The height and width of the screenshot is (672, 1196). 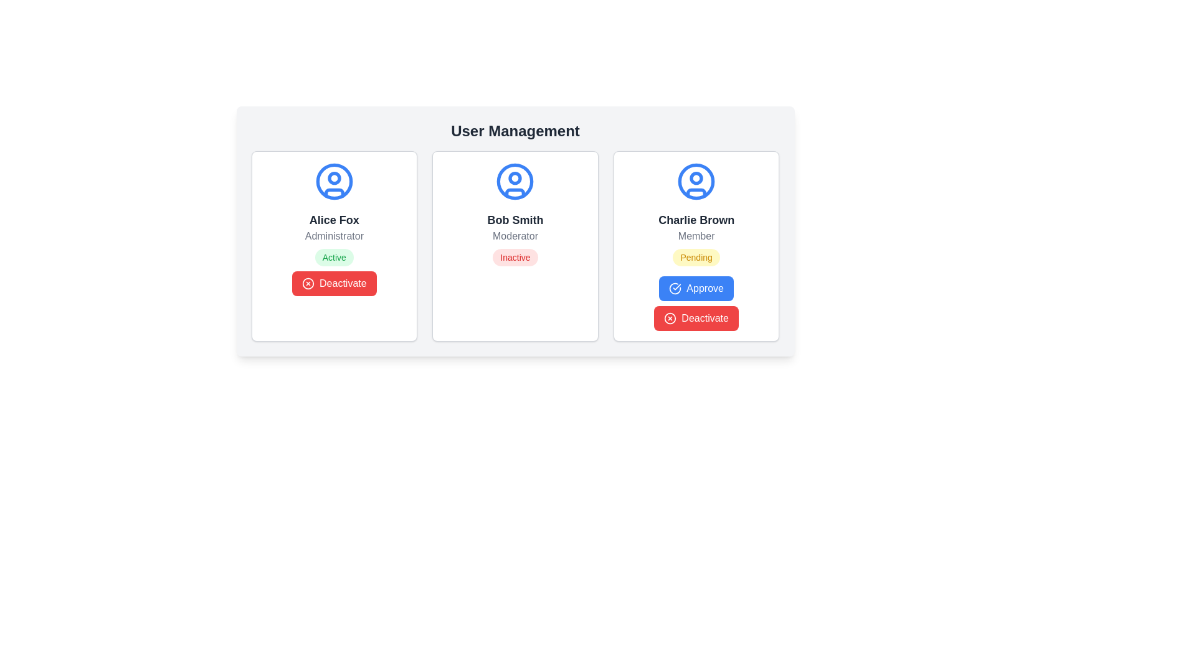 I want to click on the text label indicating the user's role as 'Member' in the profile card for 'Charlie Brown', which is located below the name and aligns with other role labels, so click(x=696, y=236).